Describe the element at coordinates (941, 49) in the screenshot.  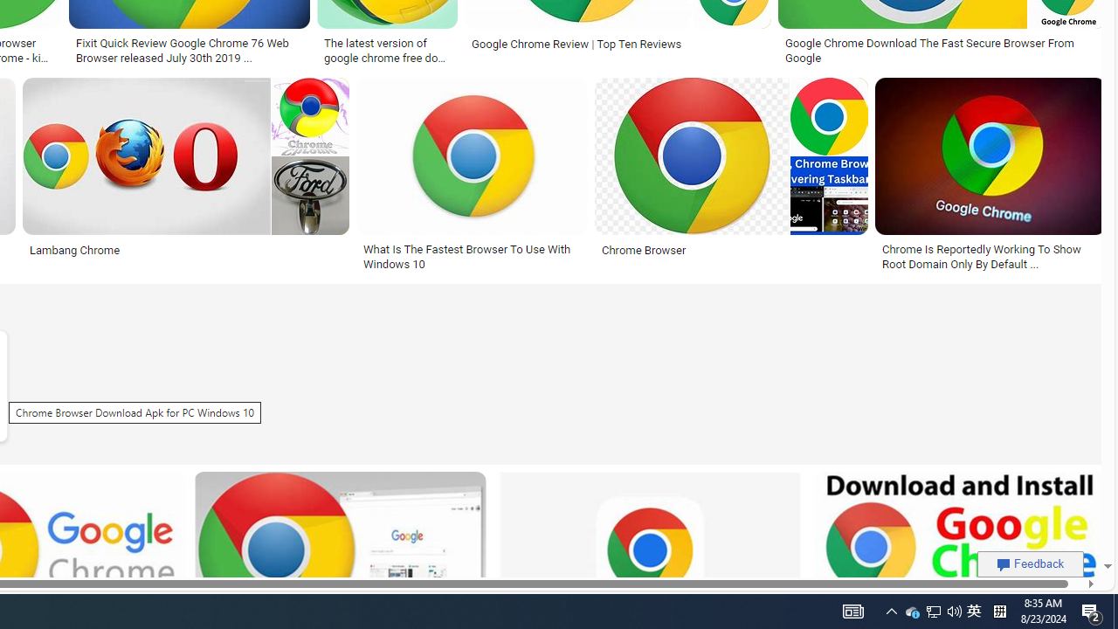
I see `'Google Chrome Download The Fast Secure Browser From Google'` at that location.